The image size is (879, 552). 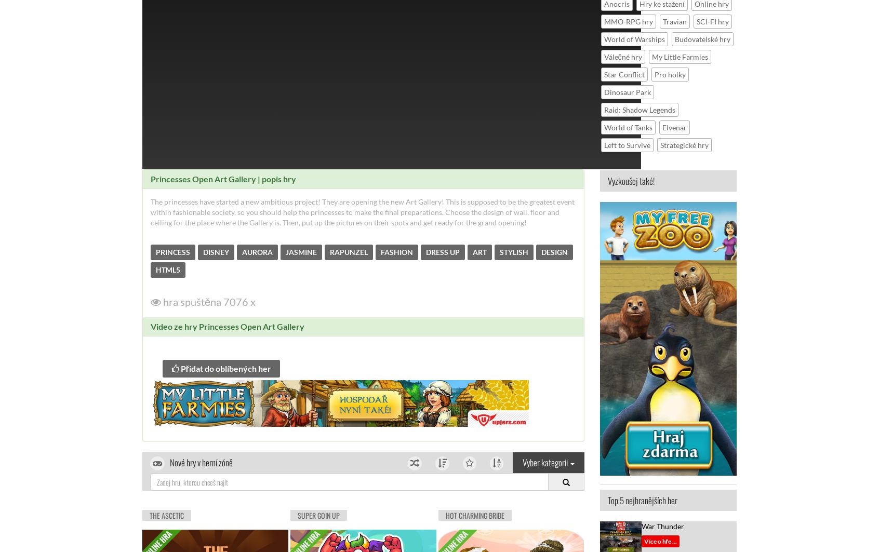 I want to click on 'Přidat do oblíbených her', so click(x=178, y=367).